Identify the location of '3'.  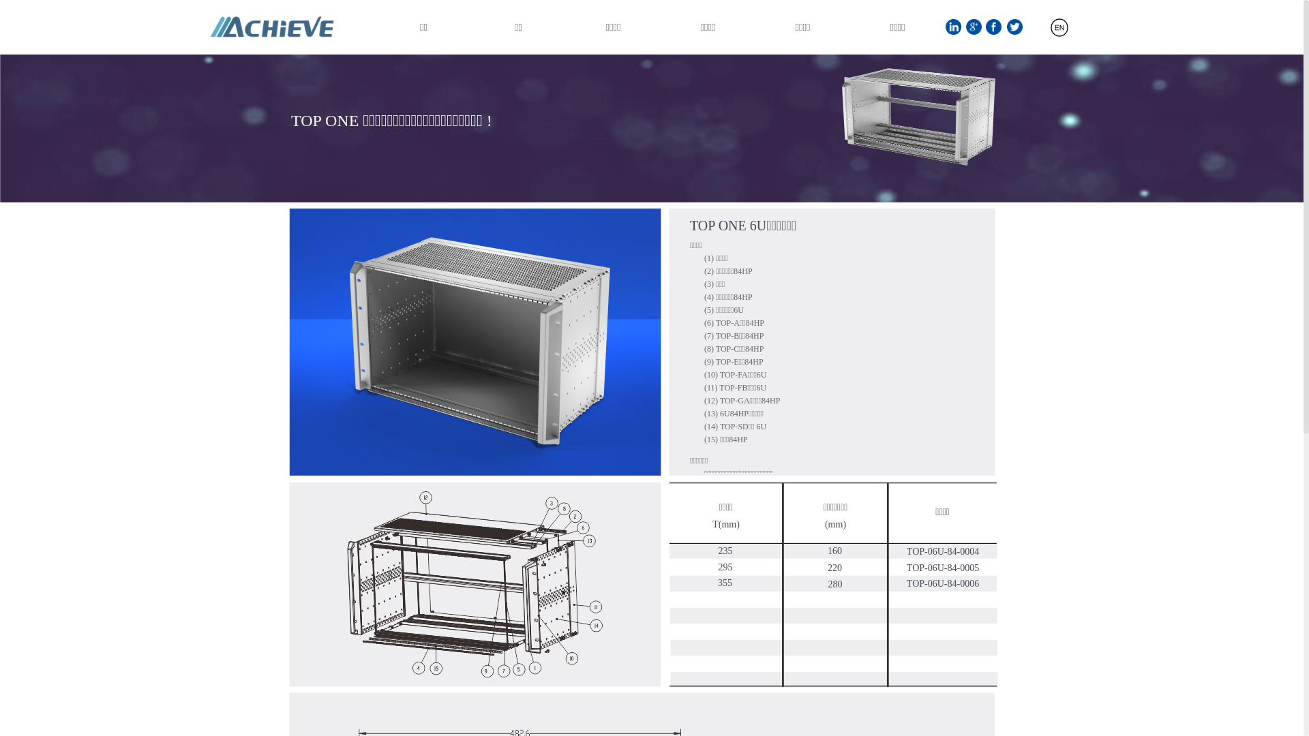
(475, 583).